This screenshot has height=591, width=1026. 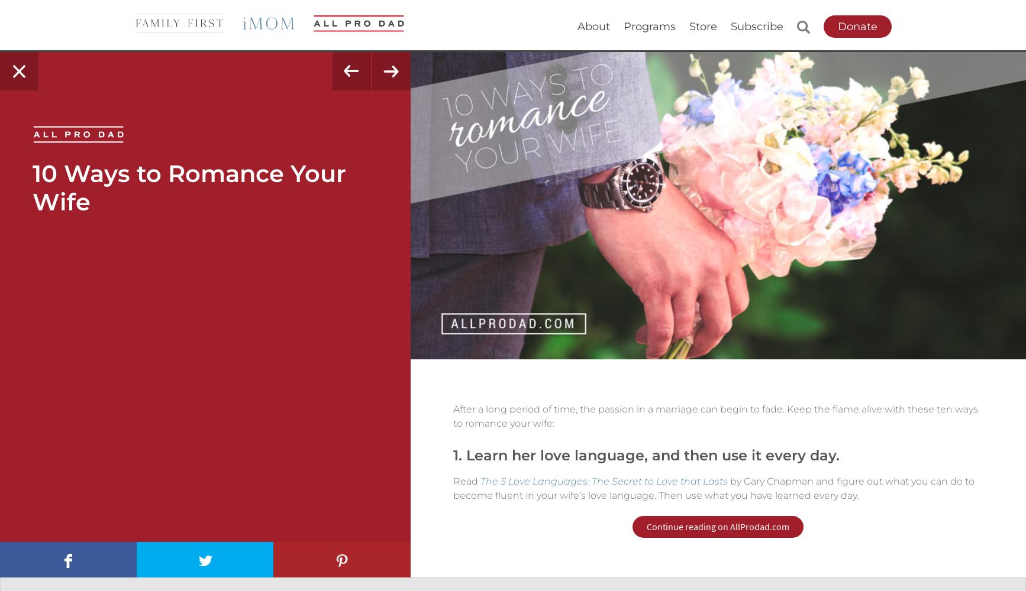 I want to click on 'L', so click(x=196, y=560).